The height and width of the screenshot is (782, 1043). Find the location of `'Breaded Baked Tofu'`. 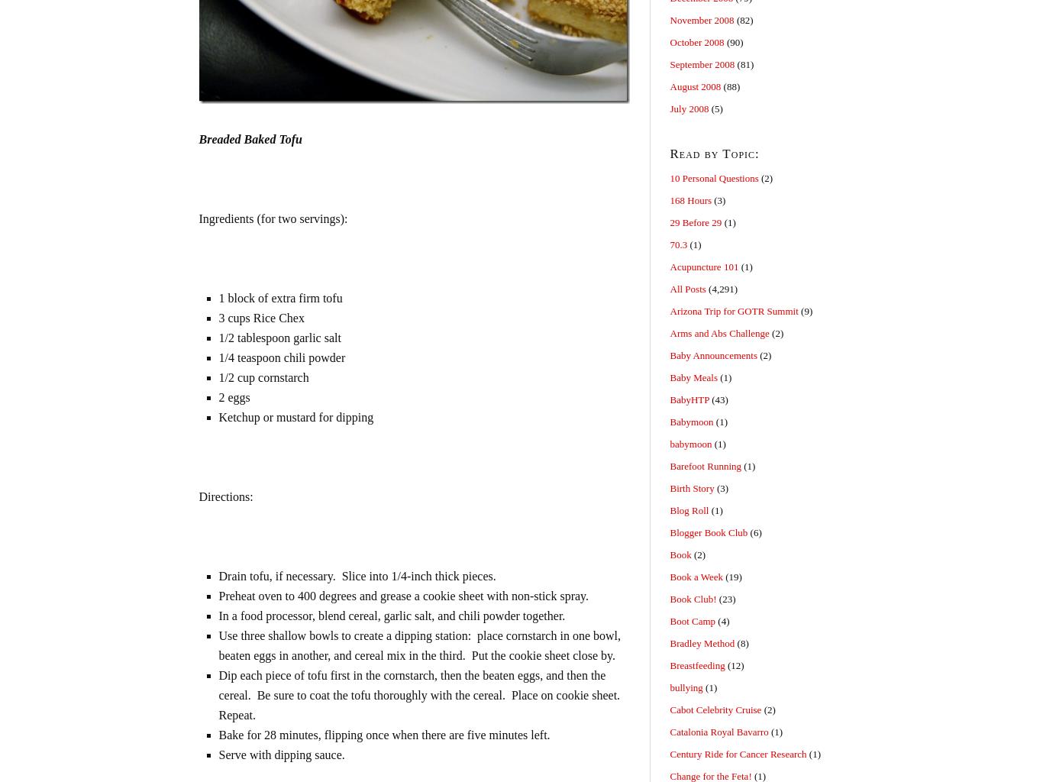

'Breaded Baked Tofu' is located at coordinates (250, 139).